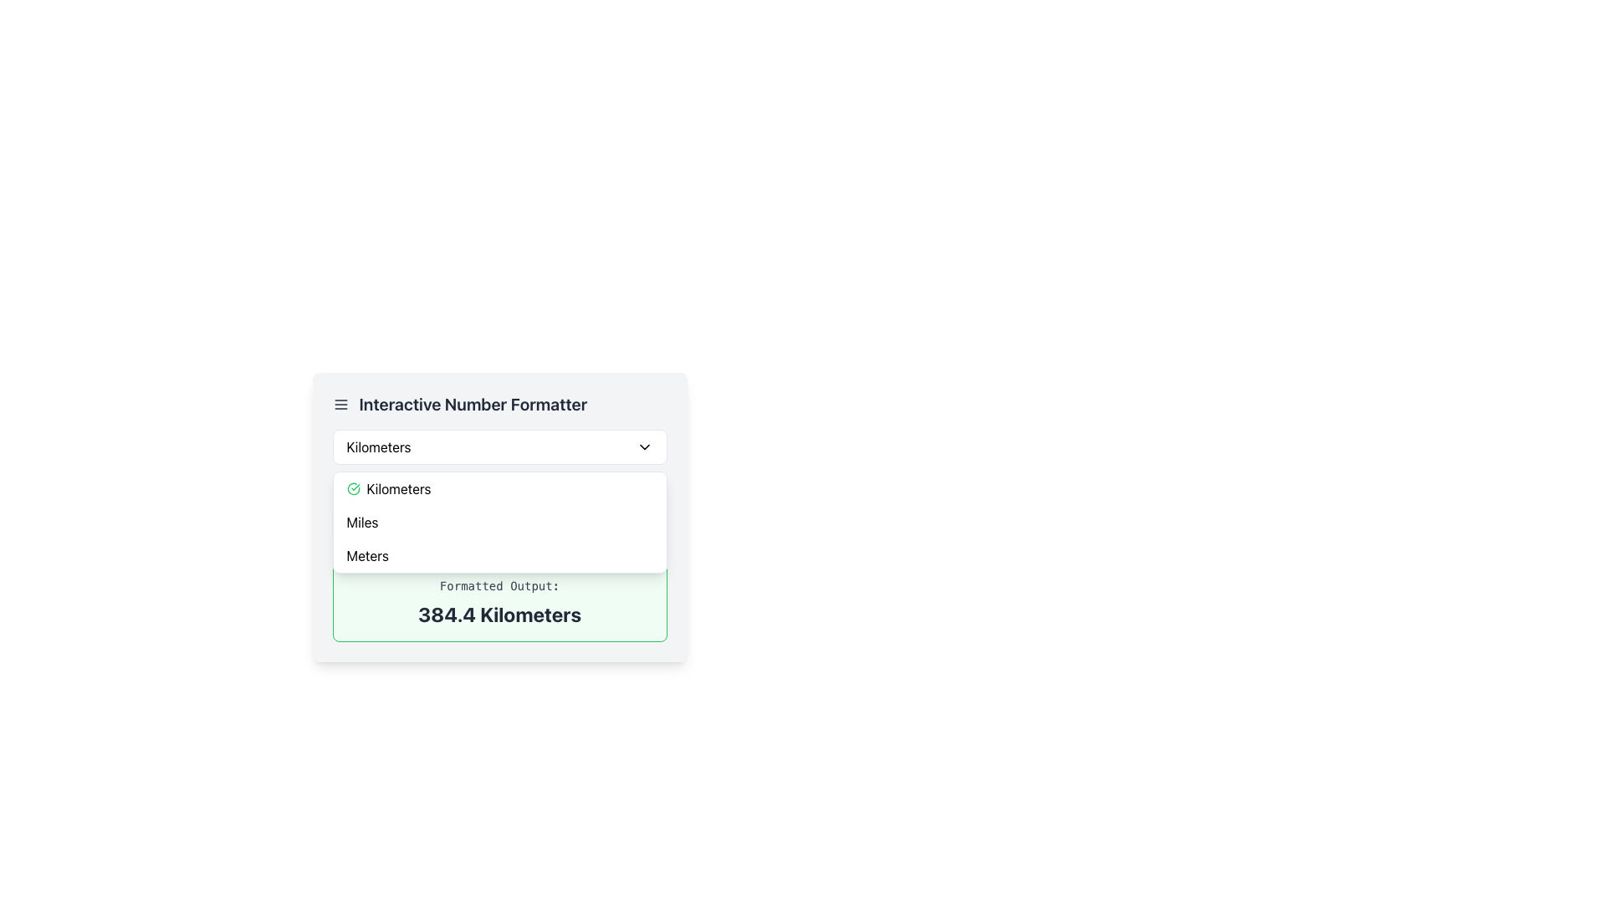  I want to click on the dropdown menu option labeled 'Miles', which is the second choice in the dropdown sequence, so click(499, 521).